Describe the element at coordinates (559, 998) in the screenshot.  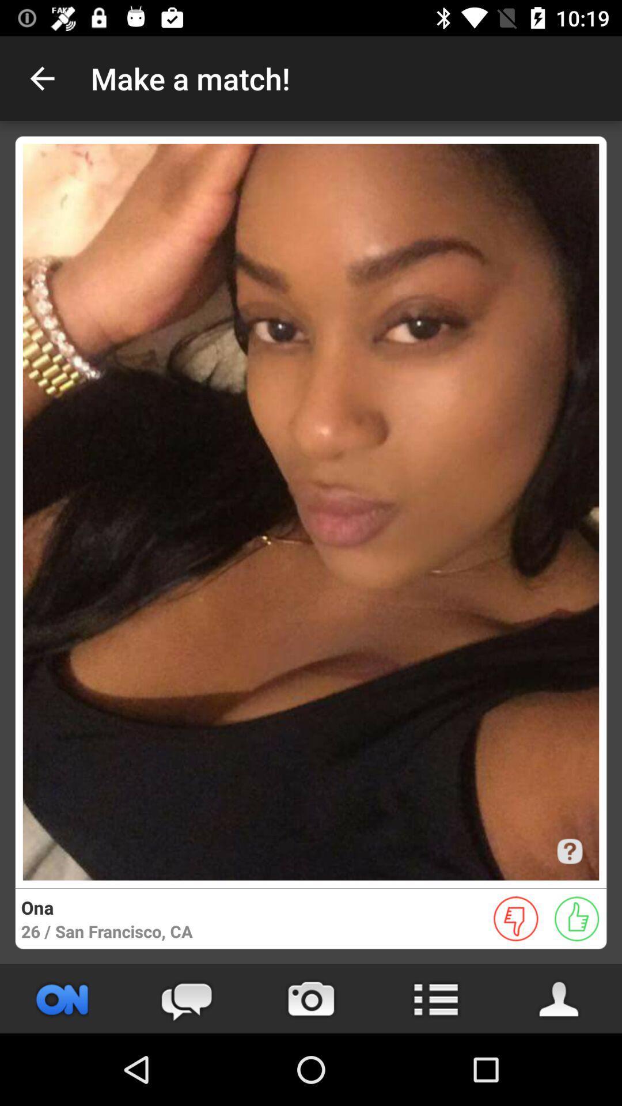
I see `the avatar icon` at that location.